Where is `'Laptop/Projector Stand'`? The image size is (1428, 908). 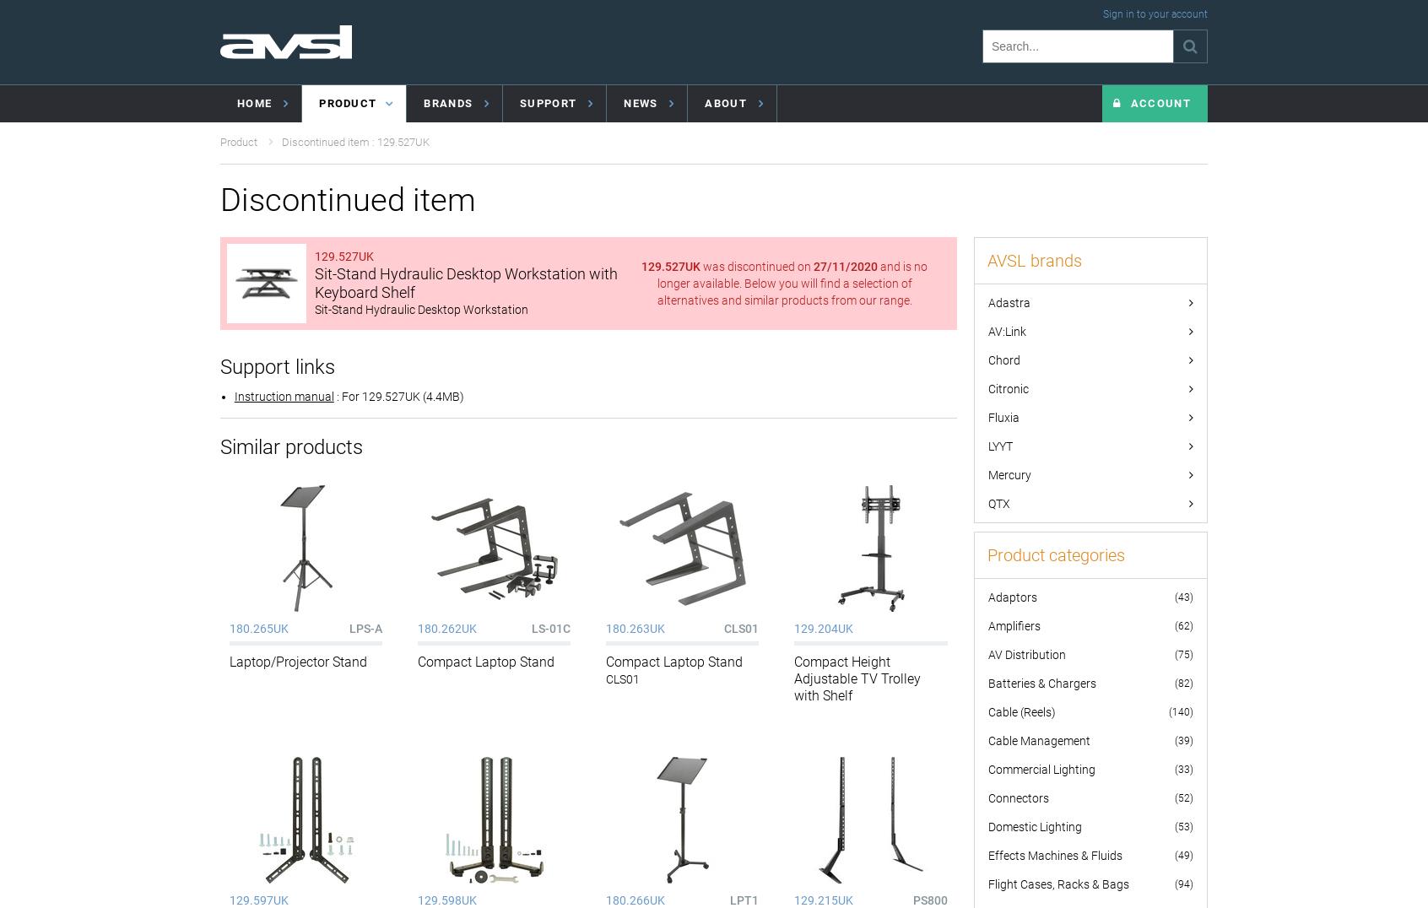
'Laptop/Projector Stand' is located at coordinates (297, 662).